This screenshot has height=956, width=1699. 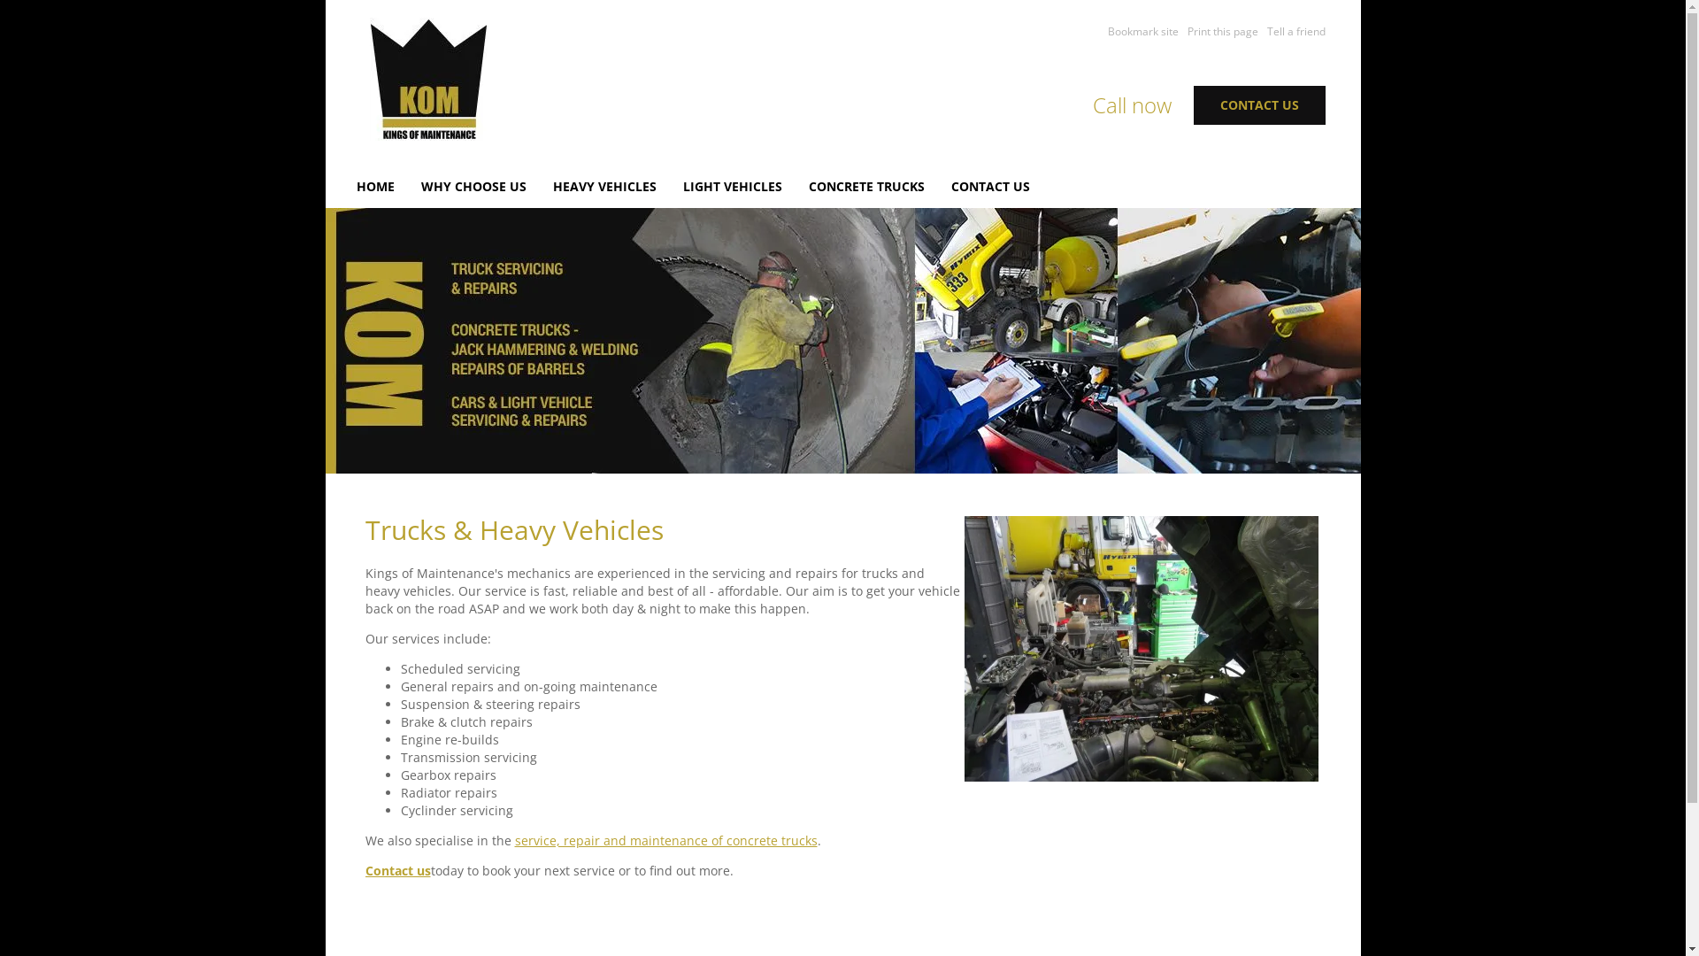 I want to click on 'service, repair and maintenance of concrete trucks', so click(x=665, y=839).